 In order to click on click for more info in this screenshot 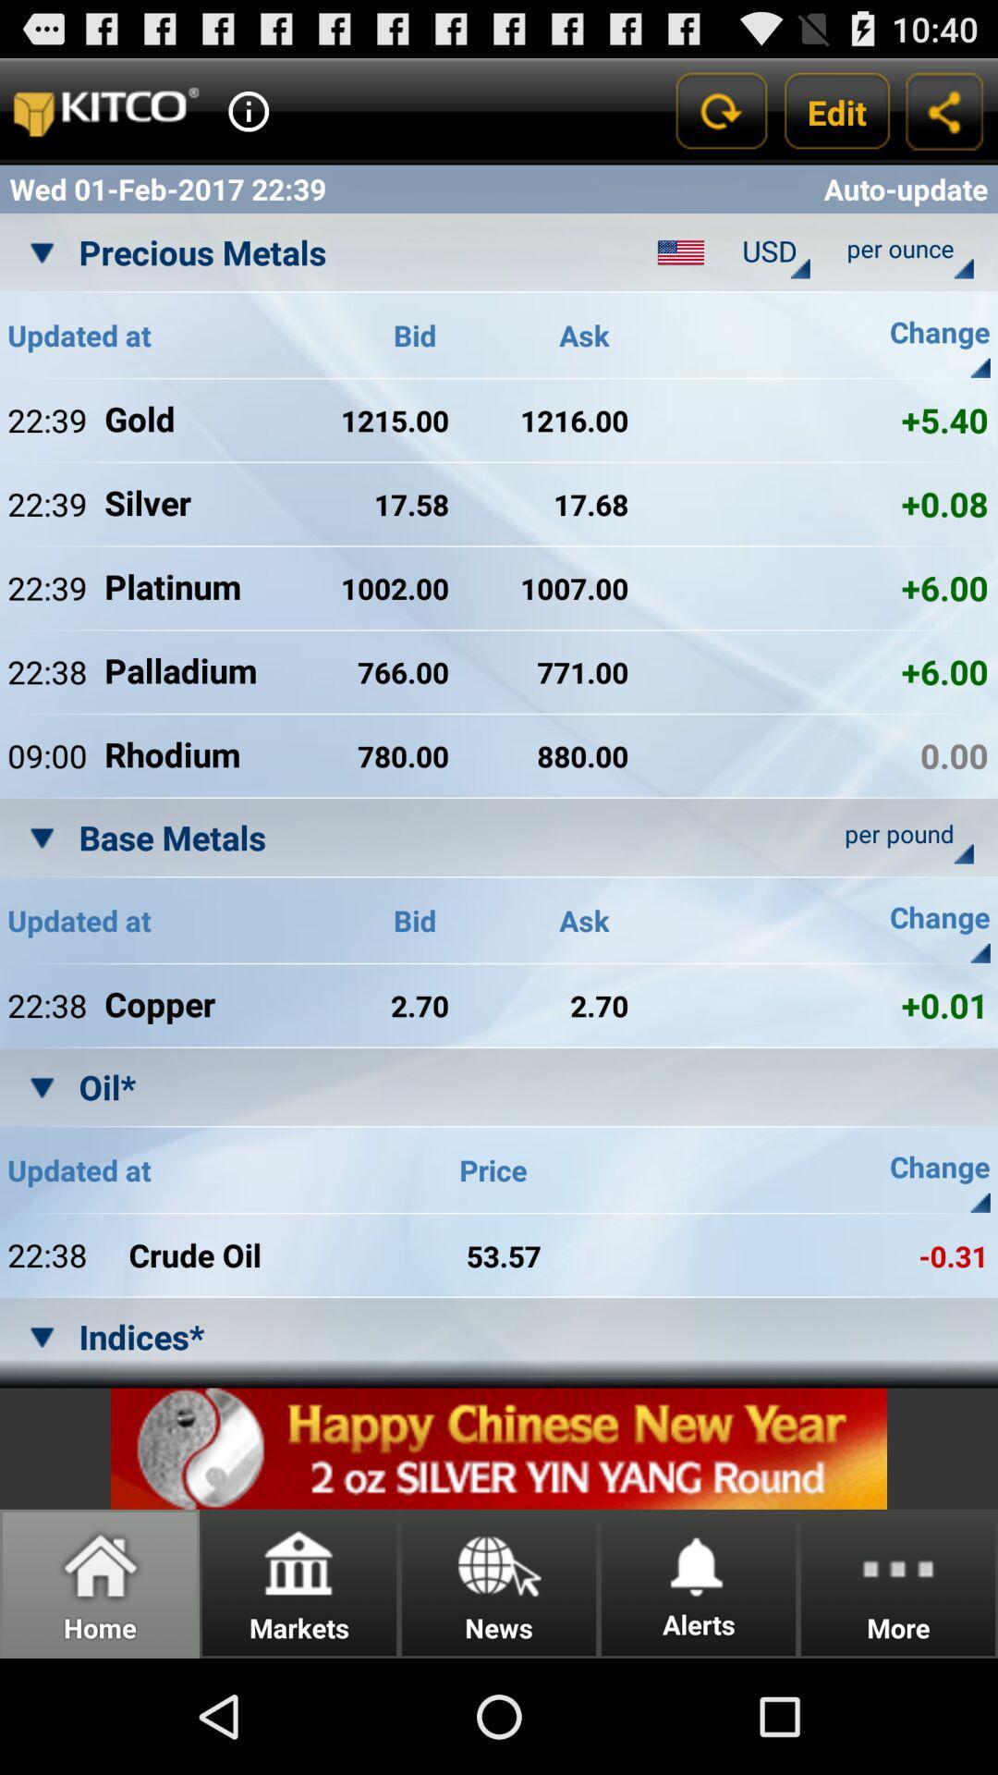, I will do `click(248, 110)`.